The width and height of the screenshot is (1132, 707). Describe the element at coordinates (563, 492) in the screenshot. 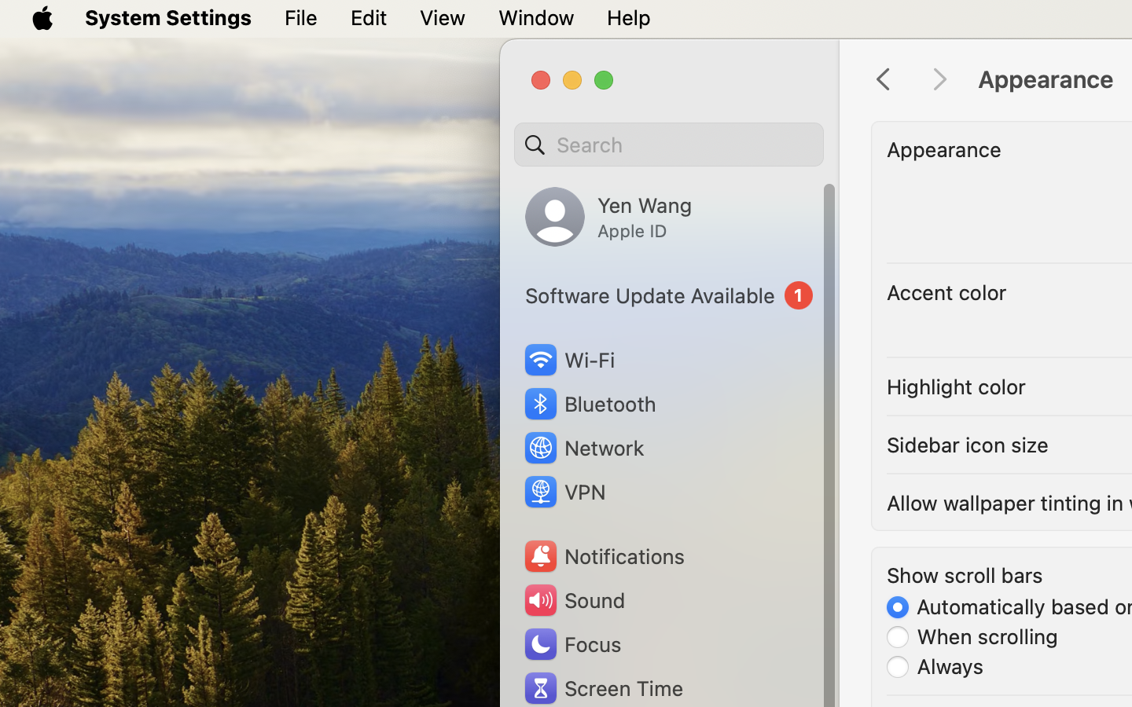

I see `'VPN'` at that location.